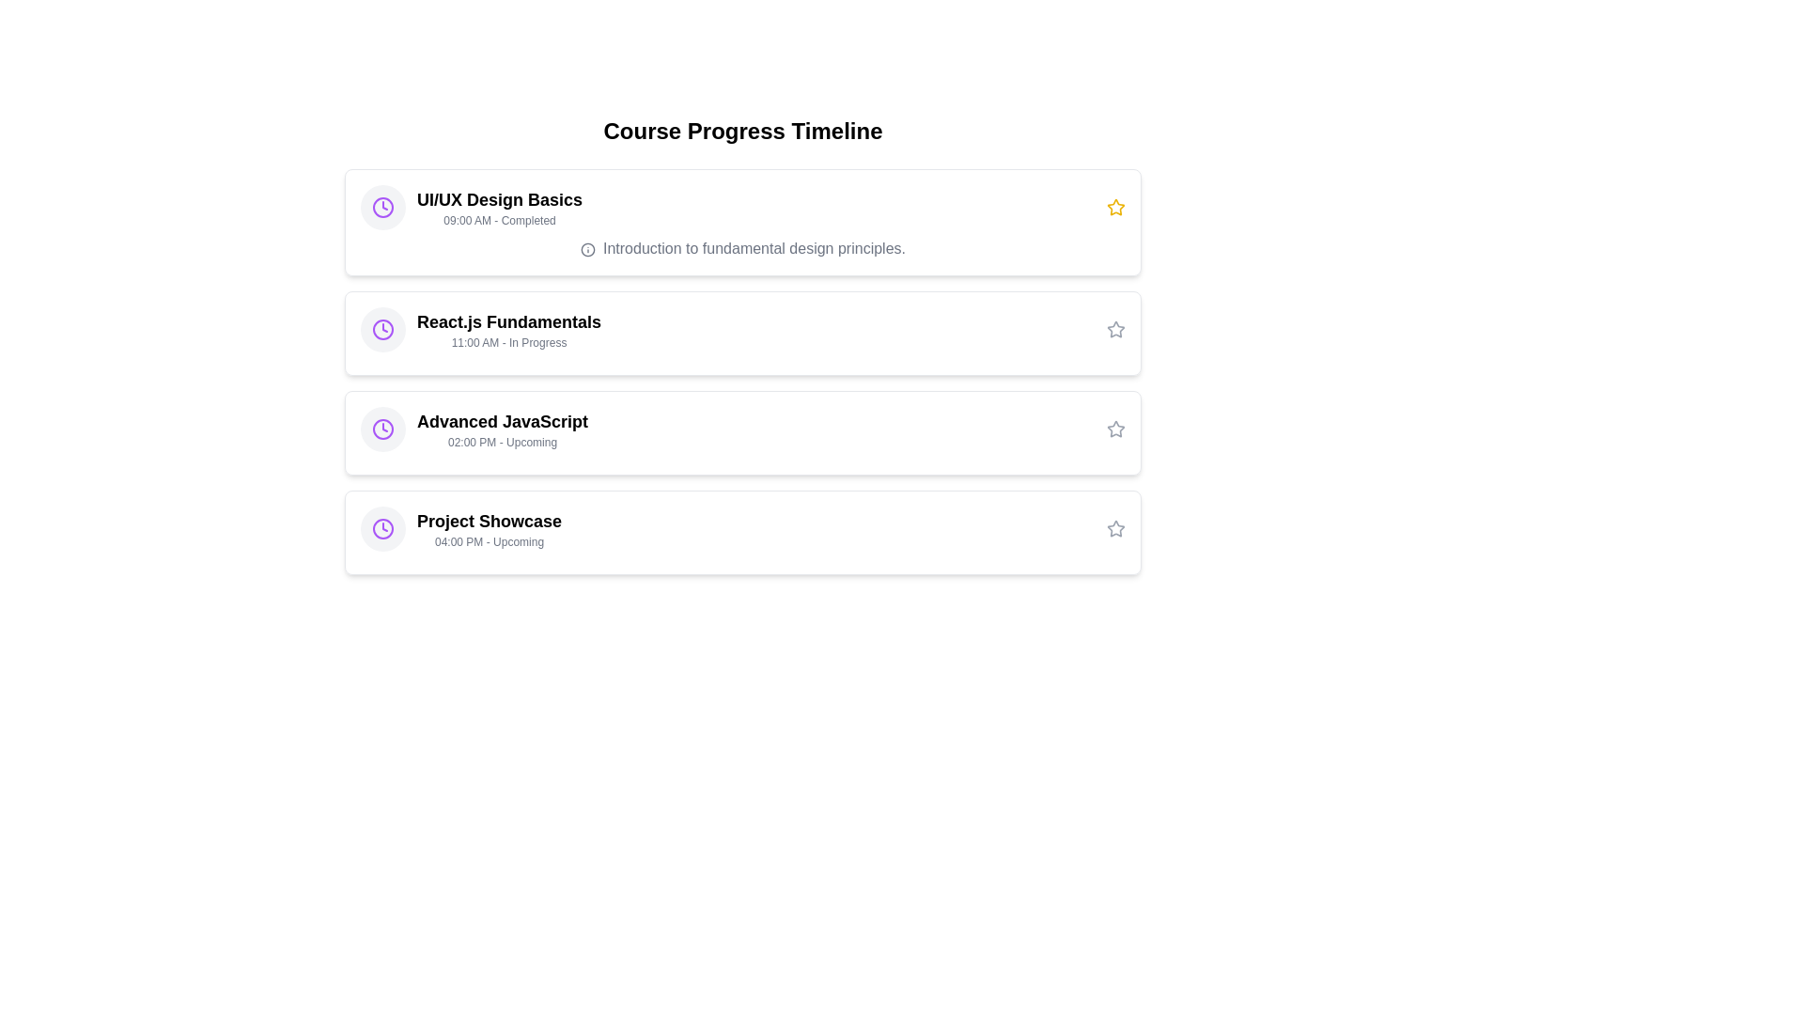 This screenshot has height=1015, width=1804. Describe the element at coordinates (382, 207) in the screenshot. I see `the clock icon that represents the concept of time or schedule, which is positioned to the left of the 'React.js Fundamentals' list element` at that location.